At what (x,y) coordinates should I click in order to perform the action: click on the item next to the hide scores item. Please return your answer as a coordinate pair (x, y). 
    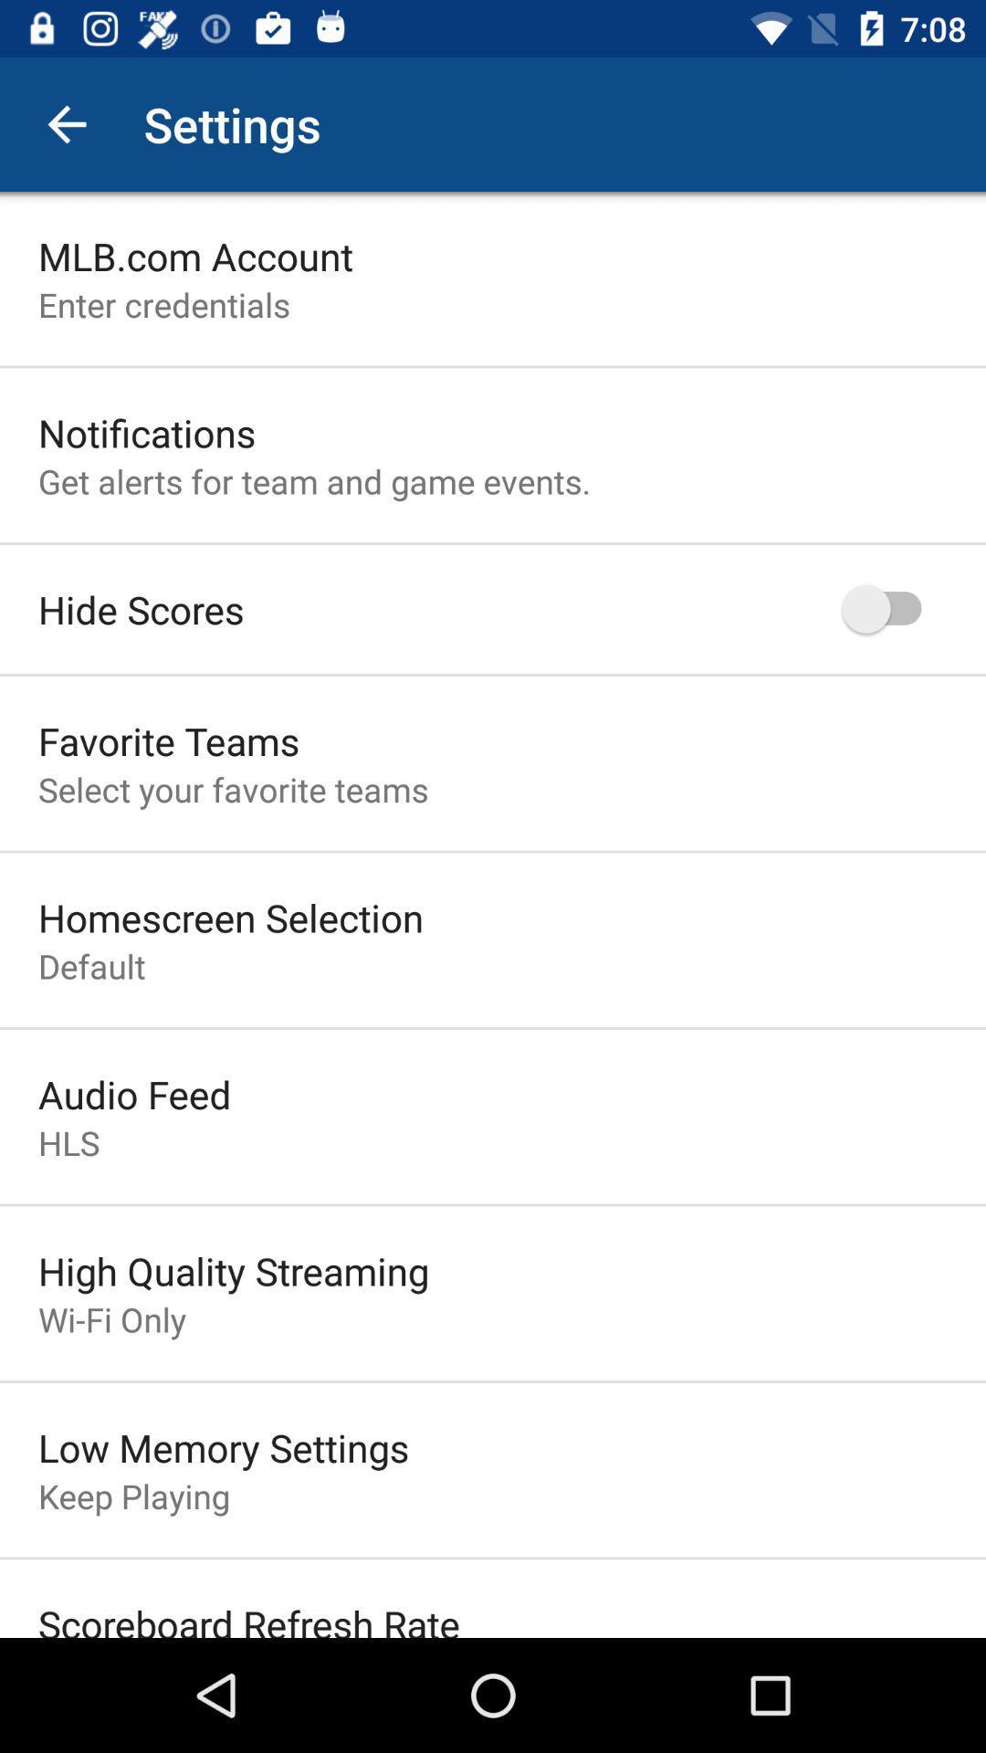
    Looking at the image, I should click on (889, 609).